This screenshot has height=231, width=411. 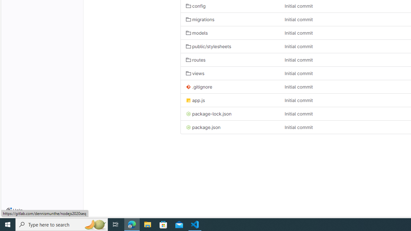 What do you see at coordinates (230, 113) in the screenshot?
I see `'package-lock.json'` at bounding box center [230, 113].